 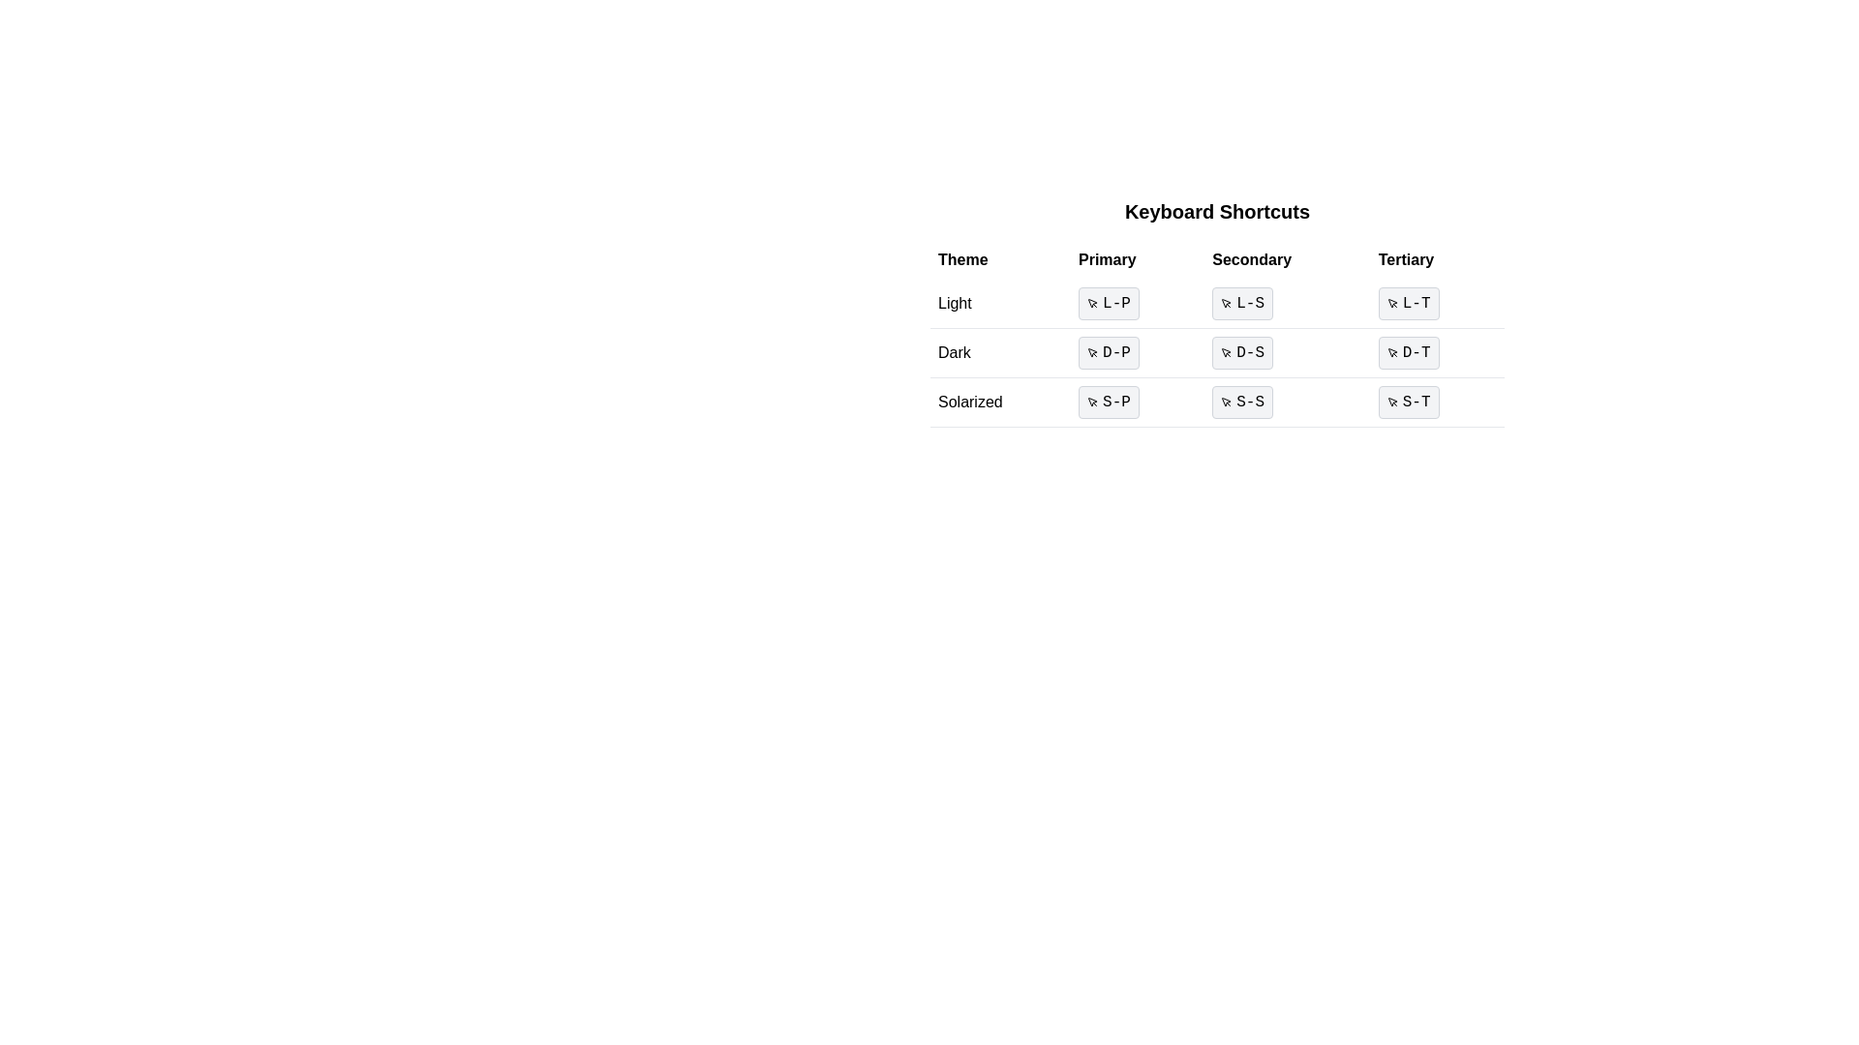 I want to click on the 'D-S' button, which is a button-like component in the 'Dark' row and 'Secondary' column of the table, so click(x=1216, y=353).